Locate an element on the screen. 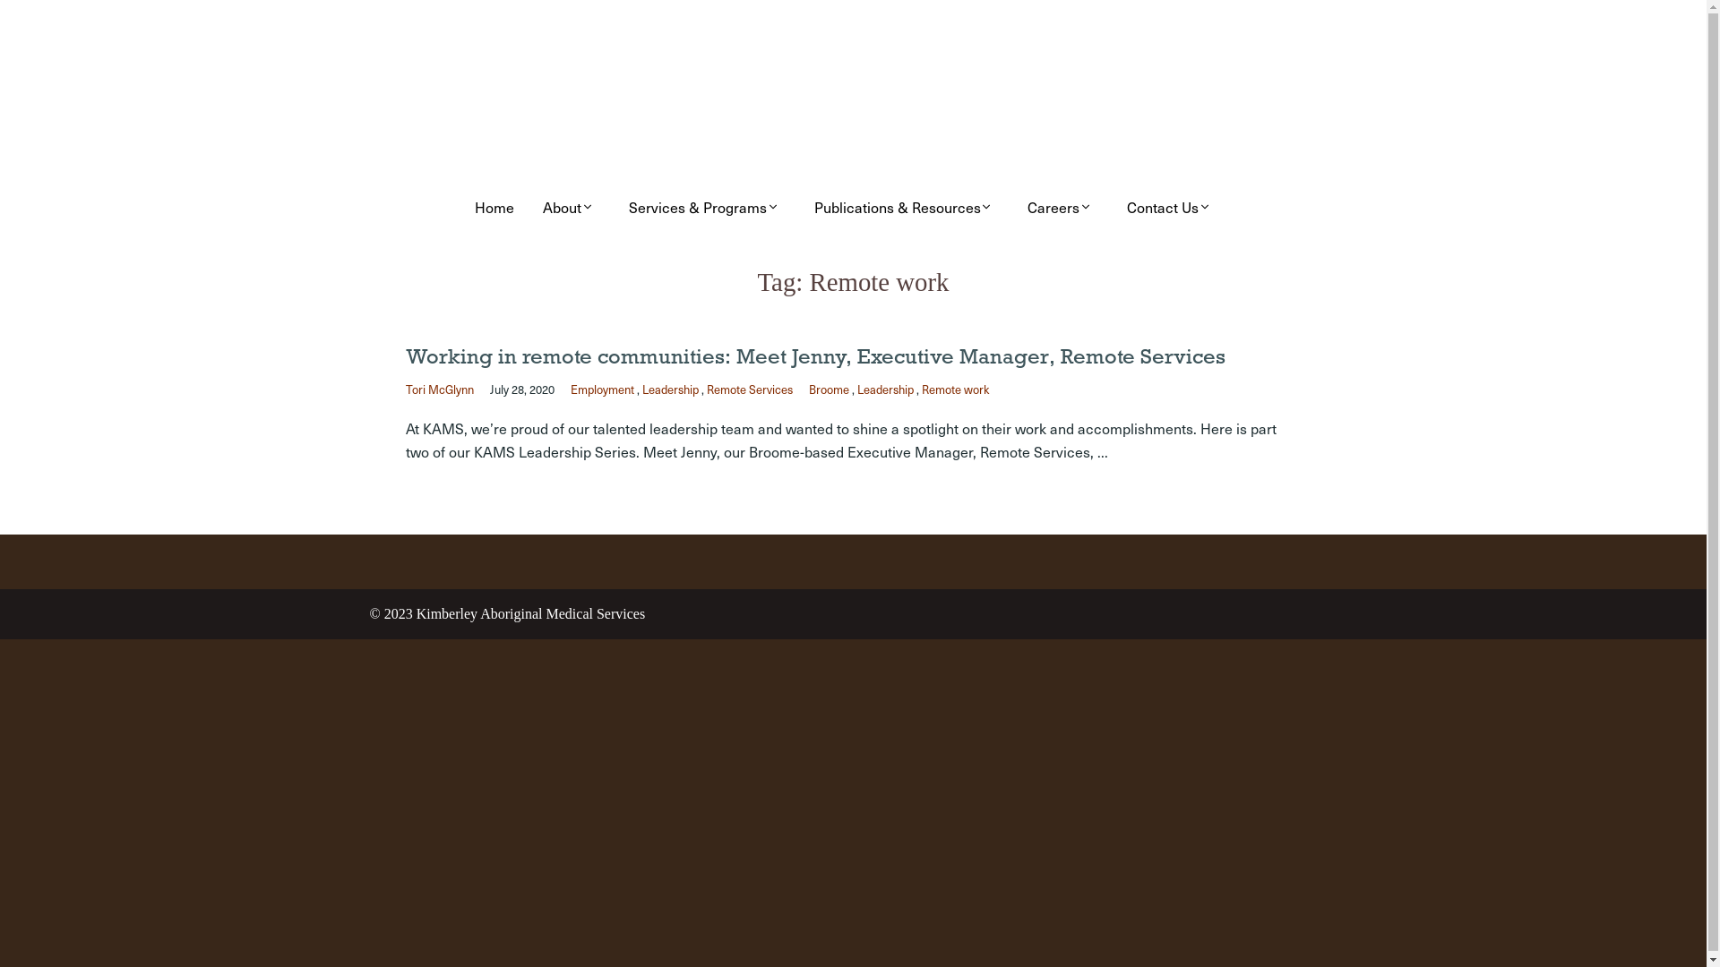  'Careers' is located at coordinates (1062, 206).